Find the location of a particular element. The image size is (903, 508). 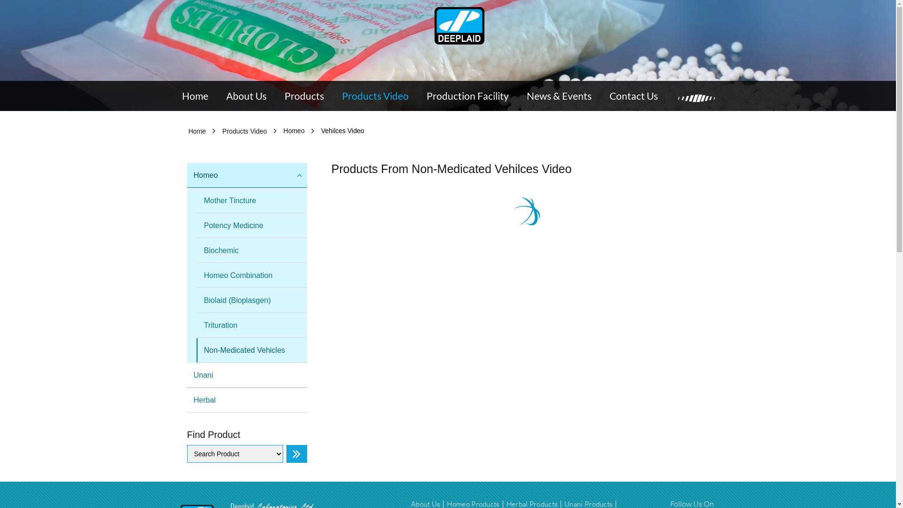

'Products Video' is located at coordinates (245, 131).